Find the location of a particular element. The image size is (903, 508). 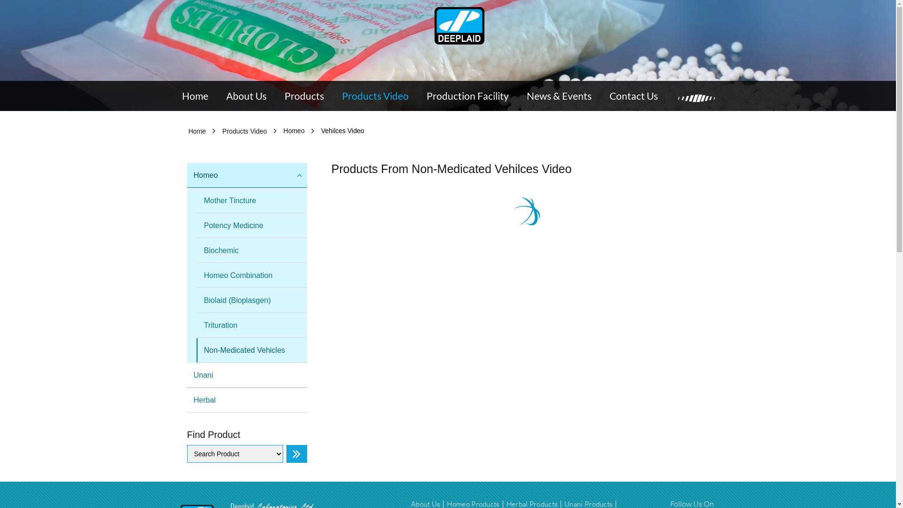

'Products Video' is located at coordinates (245, 131).